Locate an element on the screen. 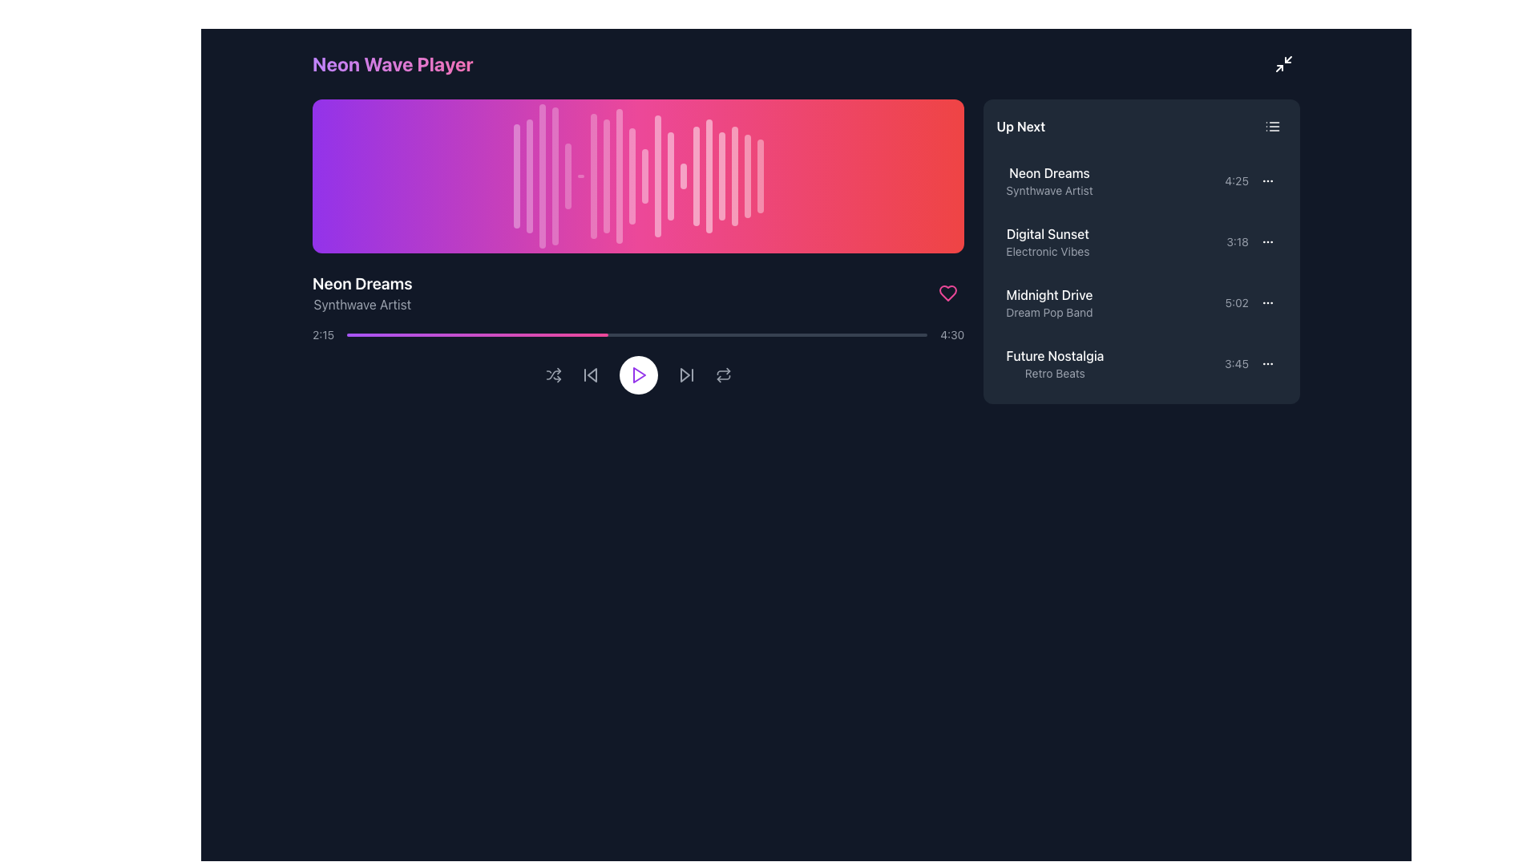 Image resolution: width=1539 pixels, height=866 pixels. the text label displaying '2:15' in a small, light gray font, located on the left side of the progress bar in the media player interface is located at coordinates (322, 334).